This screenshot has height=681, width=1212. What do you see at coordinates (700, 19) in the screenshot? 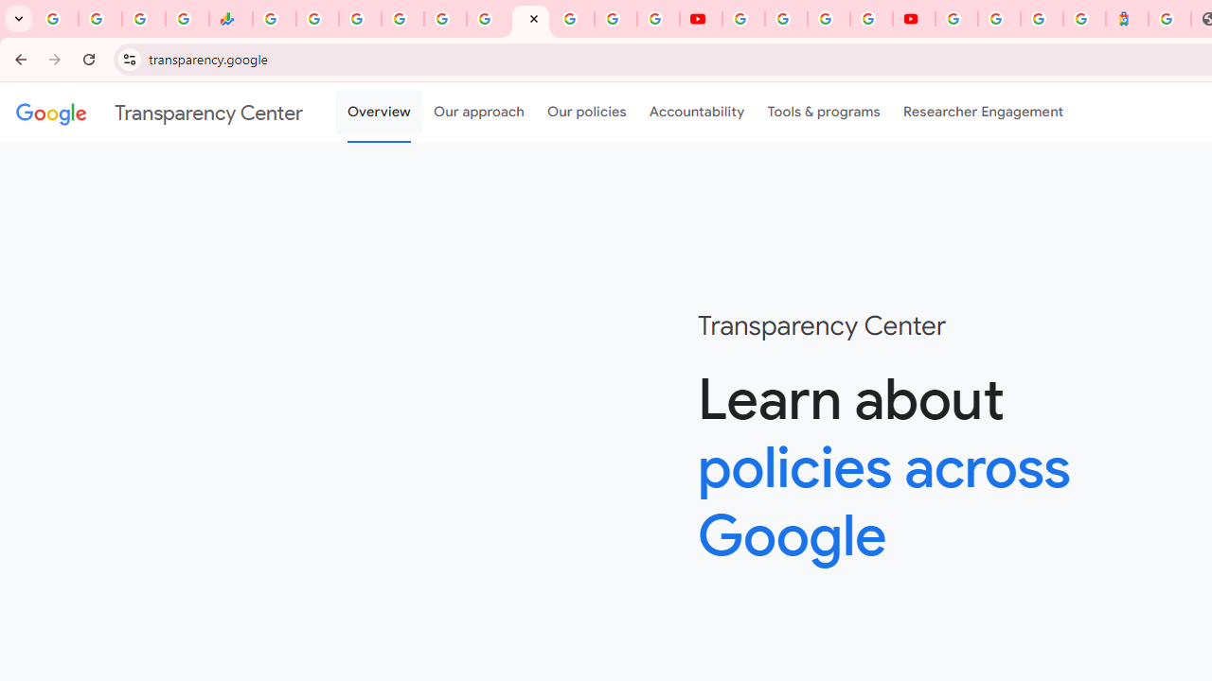
I see `'YouTube'` at bounding box center [700, 19].